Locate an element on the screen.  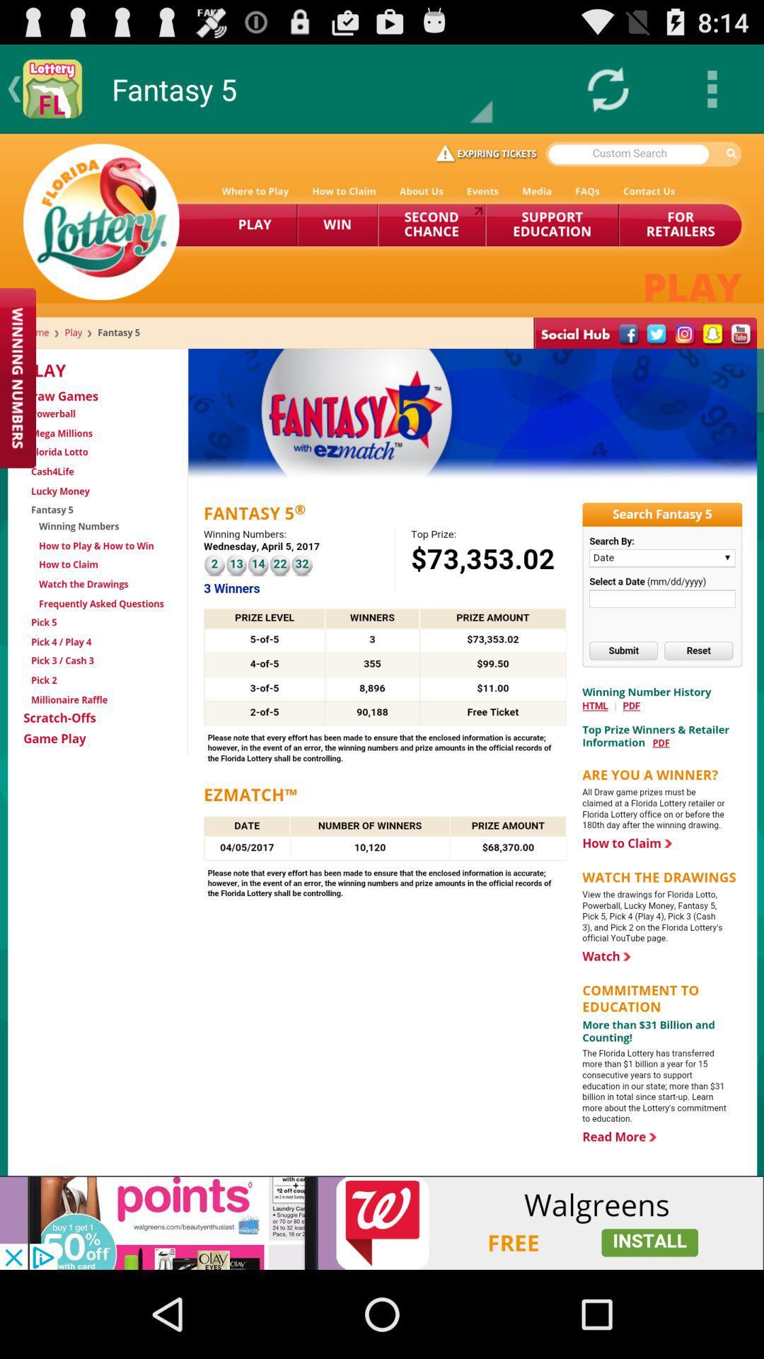
advertisement is located at coordinates (382, 1222).